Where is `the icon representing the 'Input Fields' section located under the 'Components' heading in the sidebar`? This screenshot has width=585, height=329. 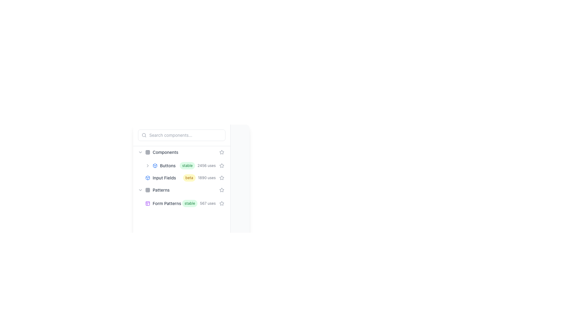 the icon representing the 'Input Fields' section located under the 'Components' heading in the sidebar is located at coordinates (147, 178).